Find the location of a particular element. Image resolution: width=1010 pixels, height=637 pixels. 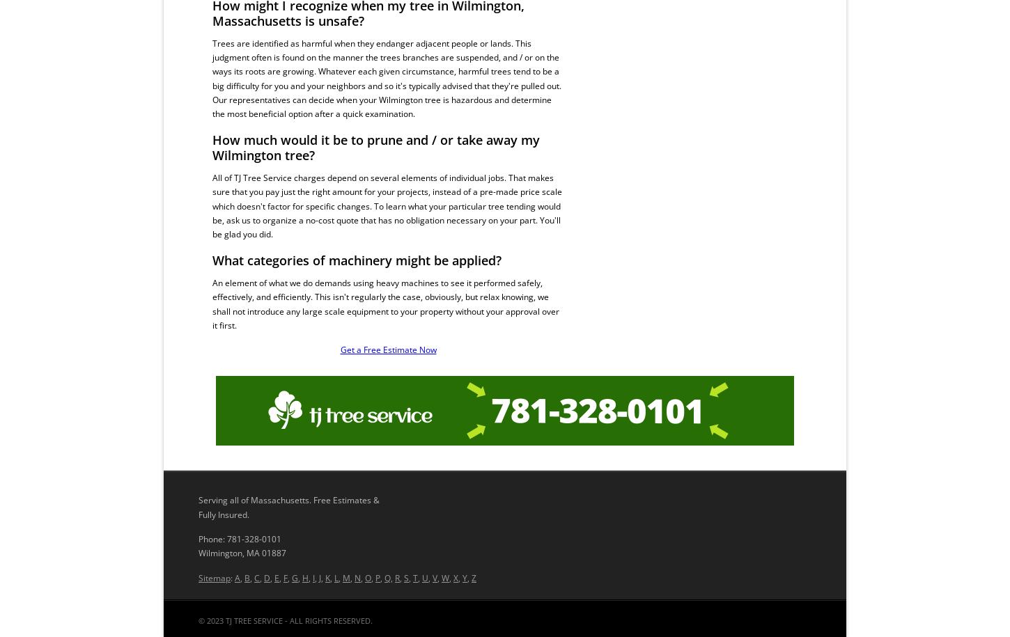

'D' is located at coordinates (263, 577).